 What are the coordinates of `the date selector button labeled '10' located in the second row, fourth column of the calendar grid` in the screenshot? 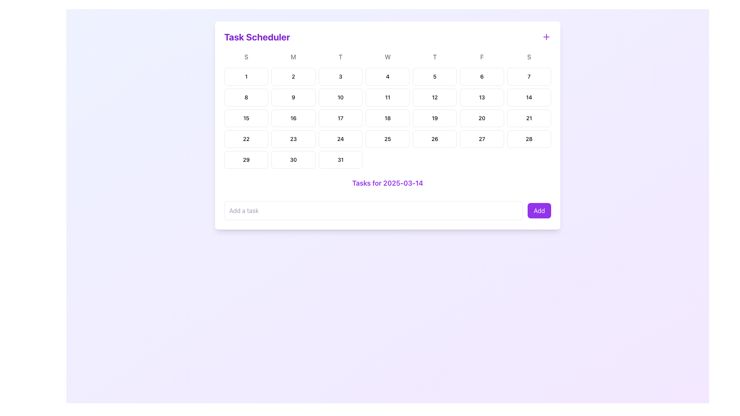 It's located at (340, 97).